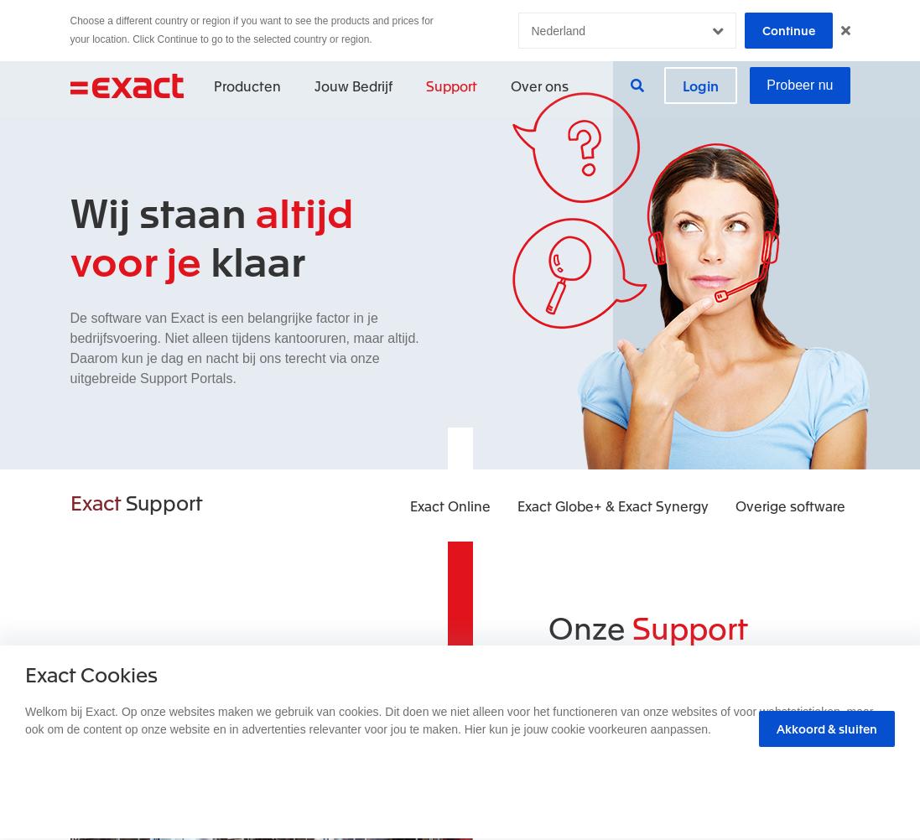 The width and height of the screenshot is (920, 840). I want to click on 'Overige software', so click(788, 505).